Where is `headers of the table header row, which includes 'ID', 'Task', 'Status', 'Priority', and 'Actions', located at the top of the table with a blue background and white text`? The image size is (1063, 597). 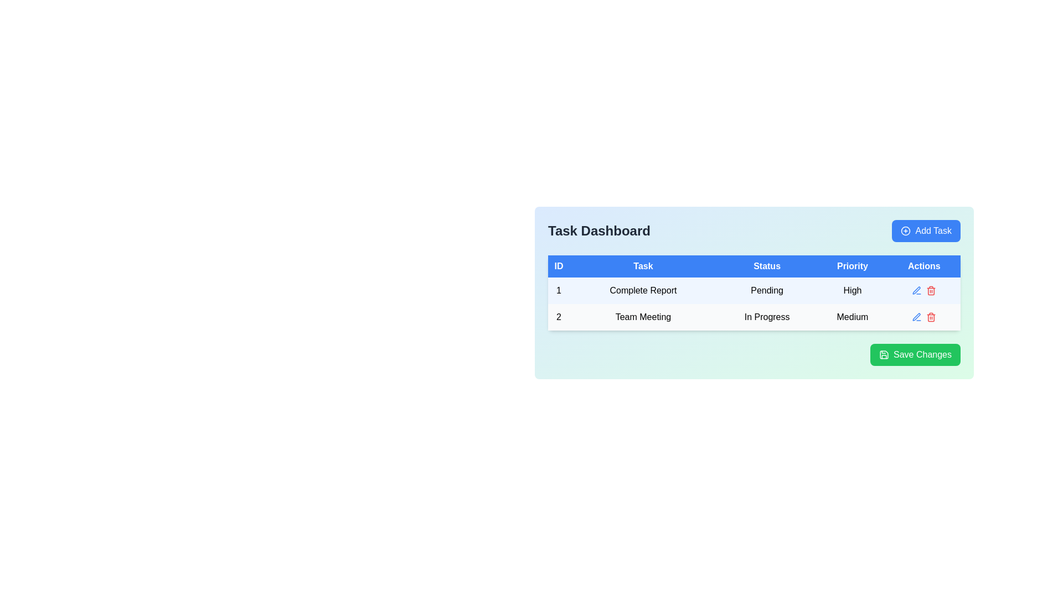 headers of the table header row, which includes 'ID', 'Task', 'Status', 'Priority', and 'Actions', located at the top of the table with a blue background and white text is located at coordinates (754, 266).